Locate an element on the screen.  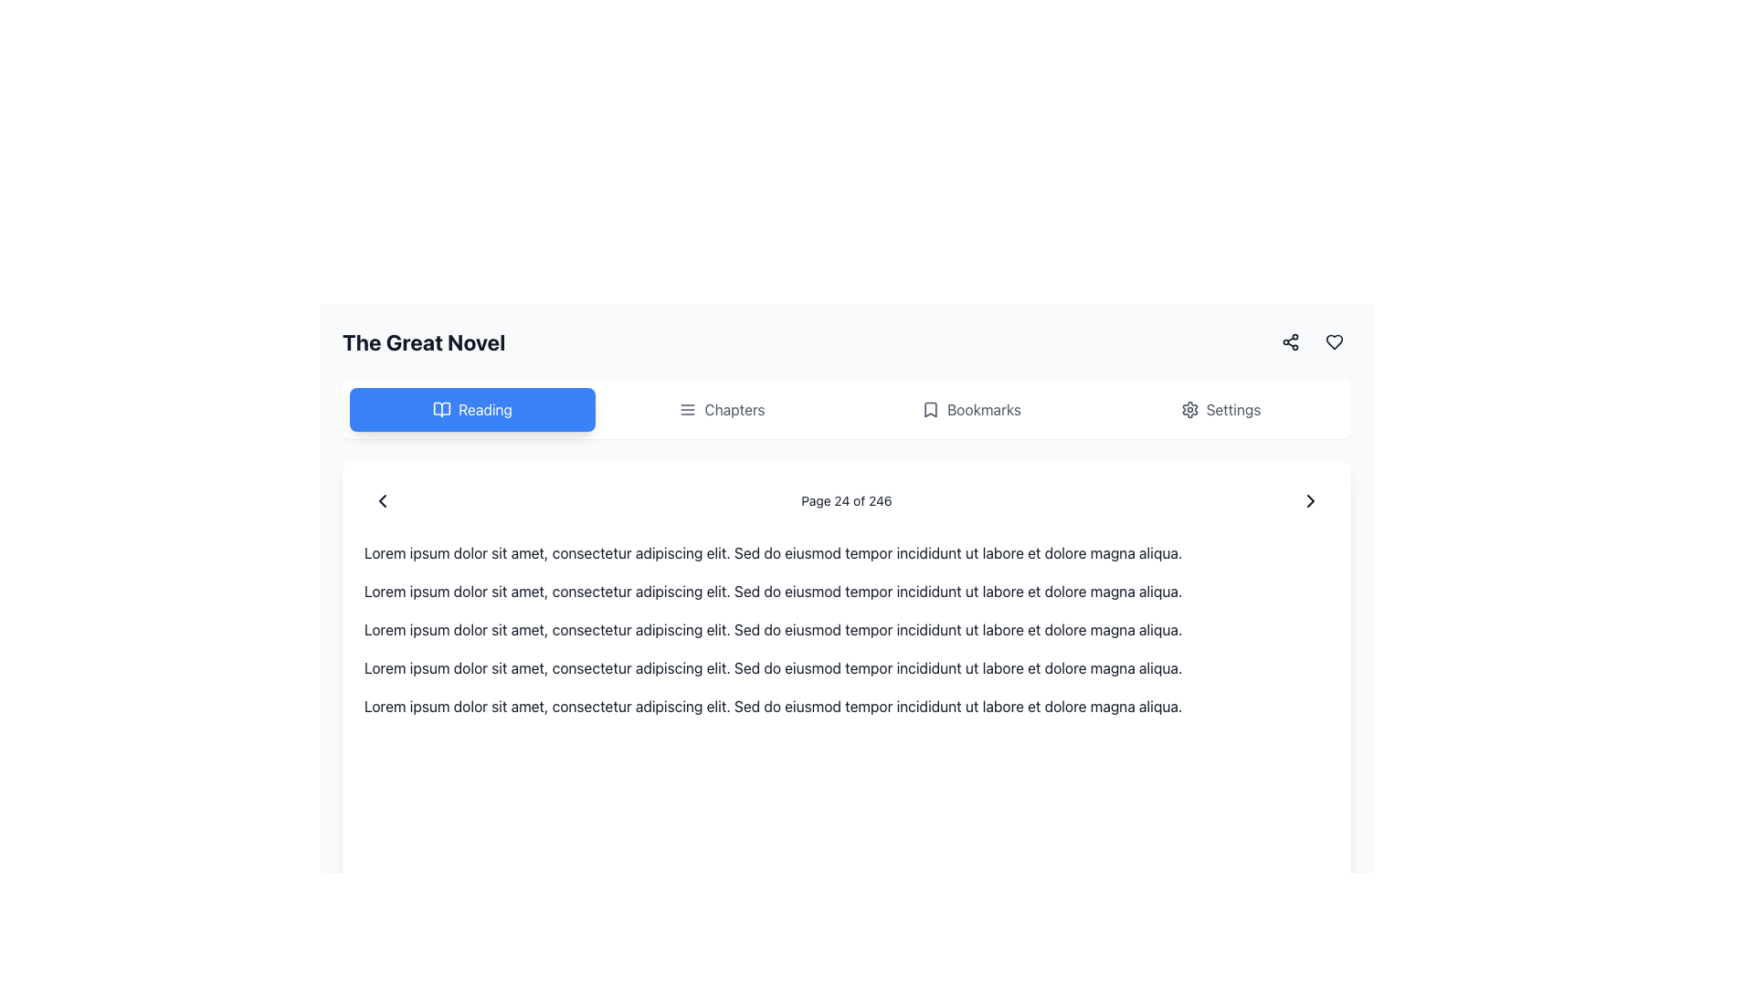
the Heart icon button located in the top-right corner of the interface is located at coordinates (1334, 341).